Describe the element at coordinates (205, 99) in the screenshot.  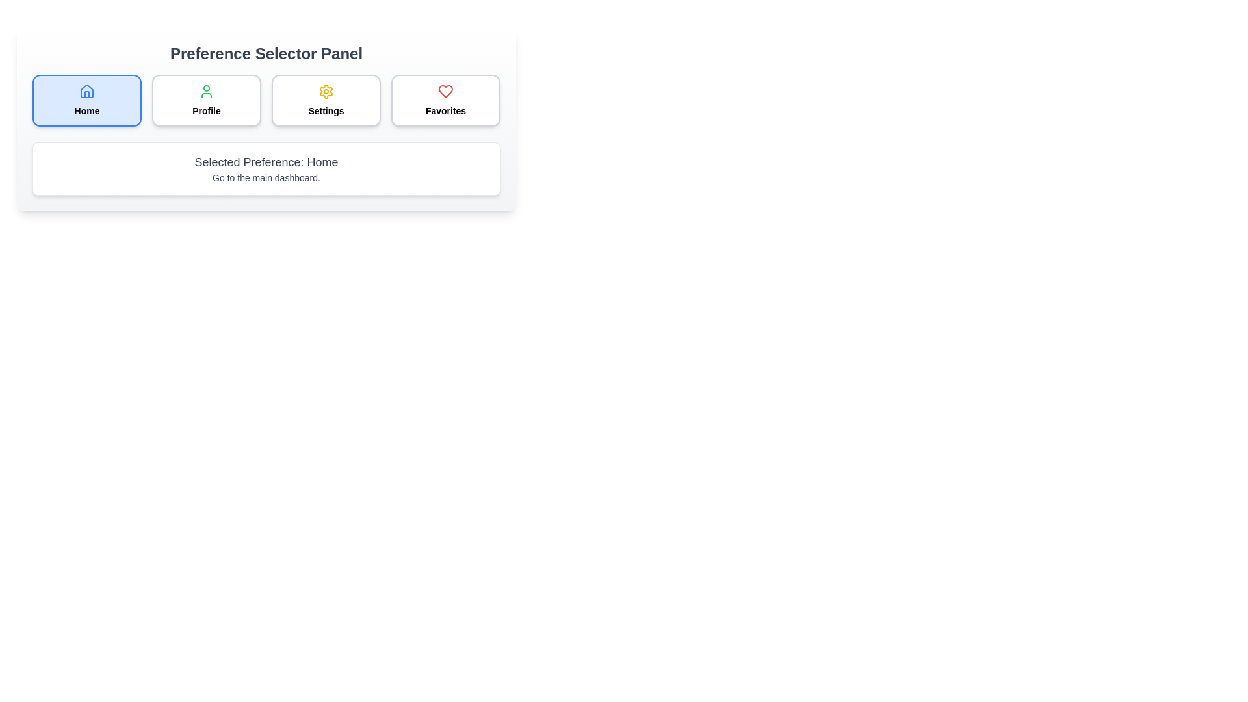
I see `the 'Profile' button, which is a rectangular button with a white background, gray border, rounded corners, a green user icon at the top, and the text label 'Profile' centered underneath` at that location.